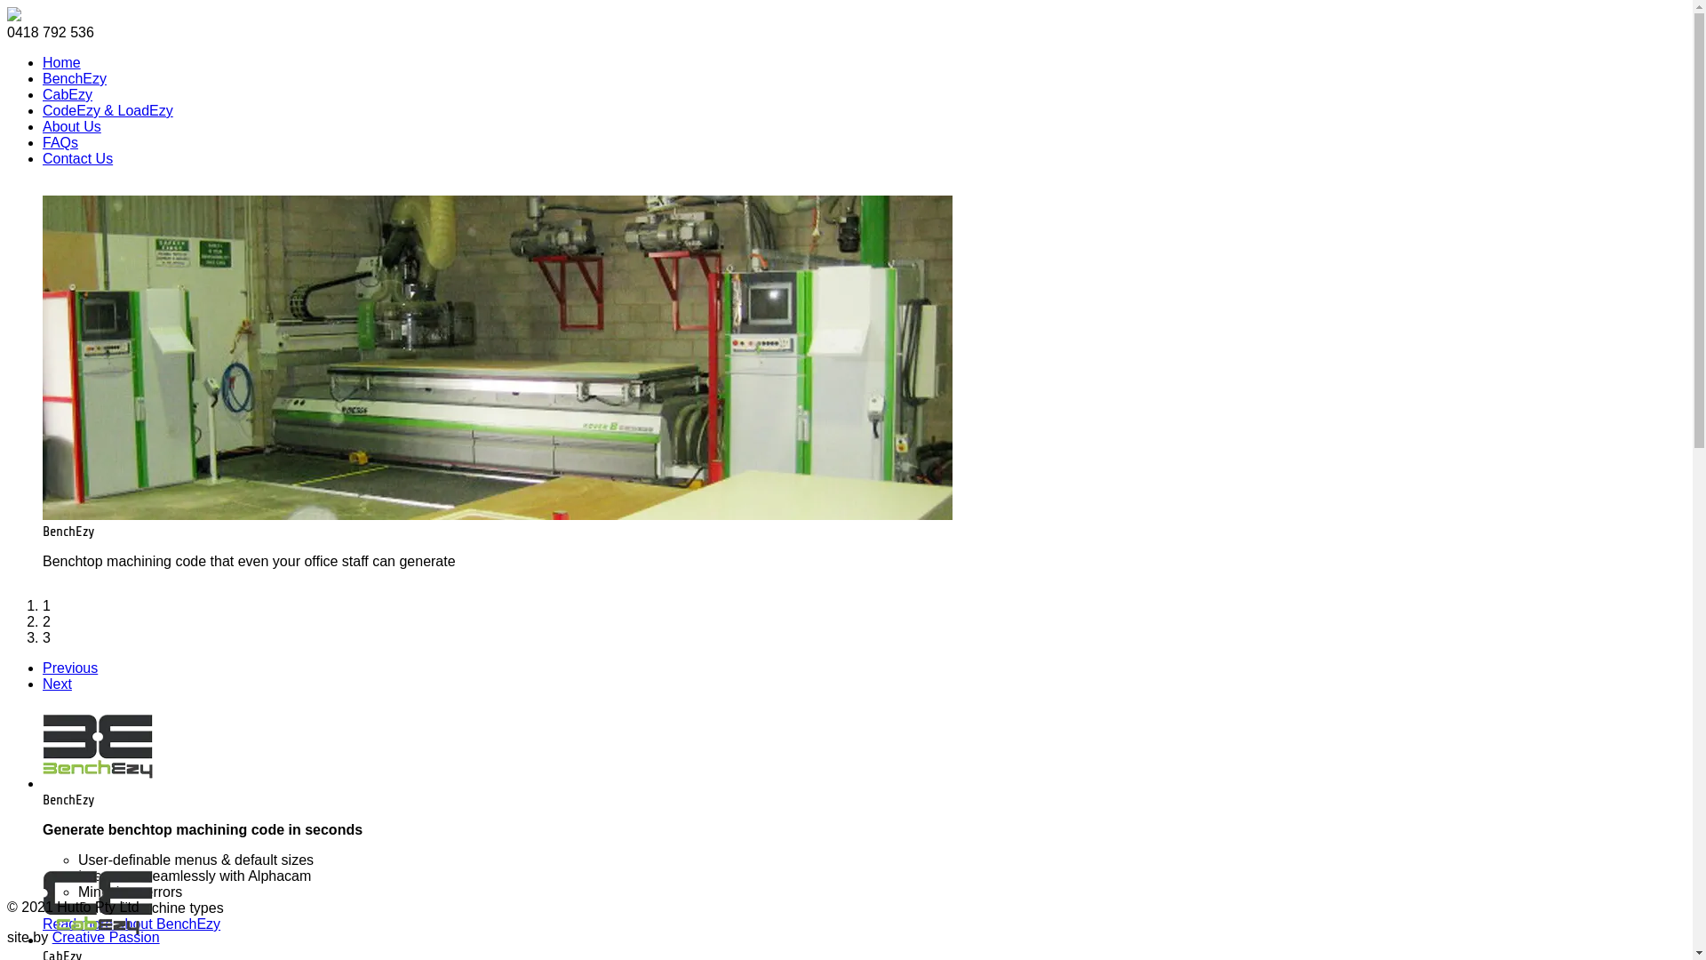 The height and width of the screenshot is (960, 1706). I want to click on '2', so click(46, 620).